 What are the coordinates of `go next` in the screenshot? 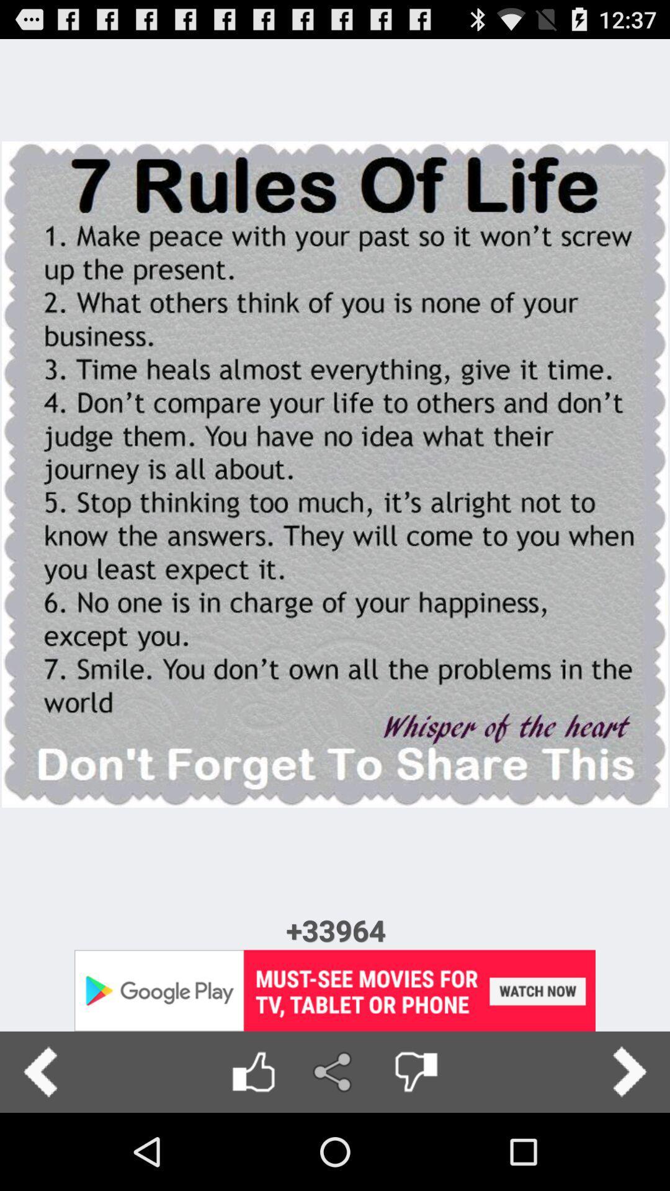 It's located at (629, 1071).